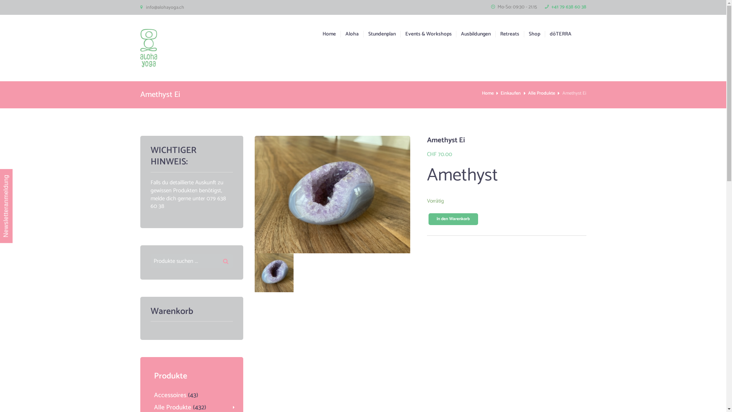 This screenshot has height=412, width=732. Describe the element at coordinates (487, 93) in the screenshot. I see `'Home'` at that location.